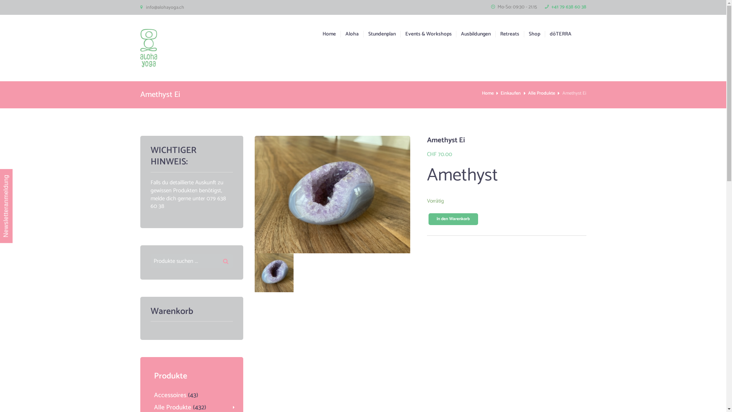 This screenshot has height=412, width=732. Describe the element at coordinates (487, 93) in the screenshot. I see `'Home'` at that location.